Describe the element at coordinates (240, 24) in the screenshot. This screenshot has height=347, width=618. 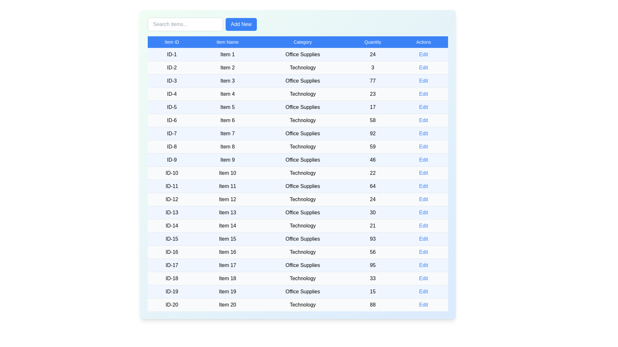
I see `'Add New' button to add a new item` at that location.